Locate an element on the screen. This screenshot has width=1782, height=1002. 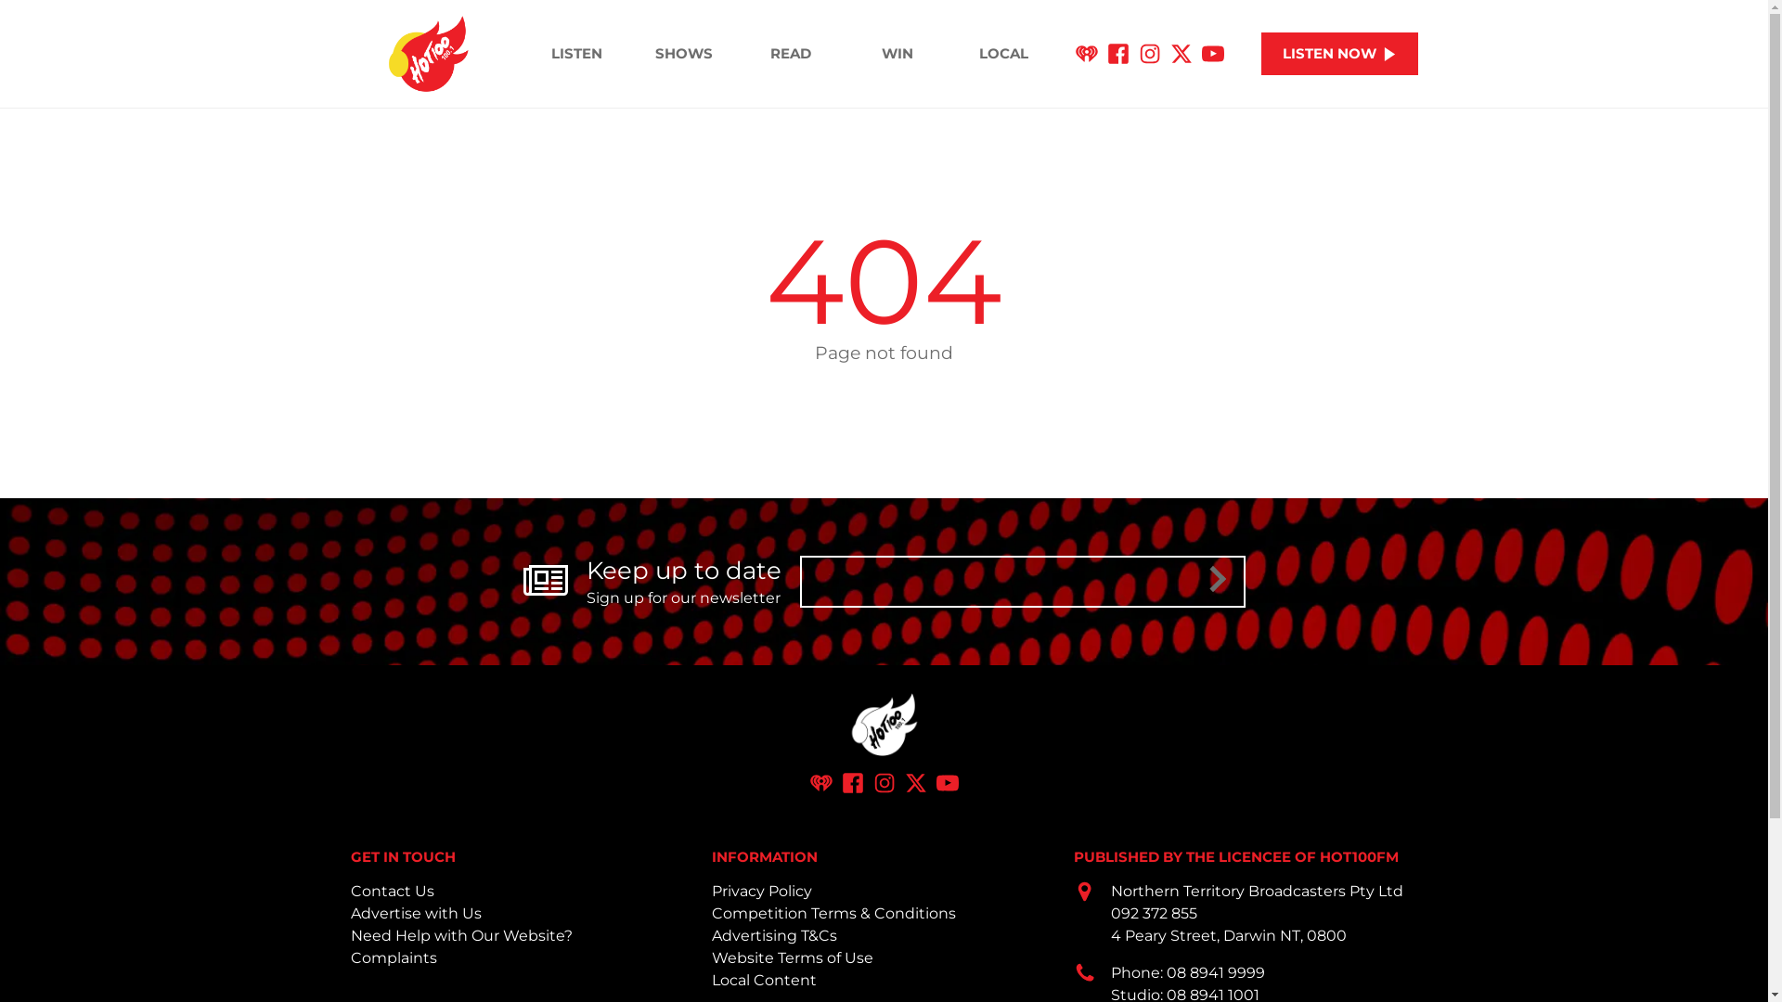
'Instagram' is located at coordinates (882, 782).